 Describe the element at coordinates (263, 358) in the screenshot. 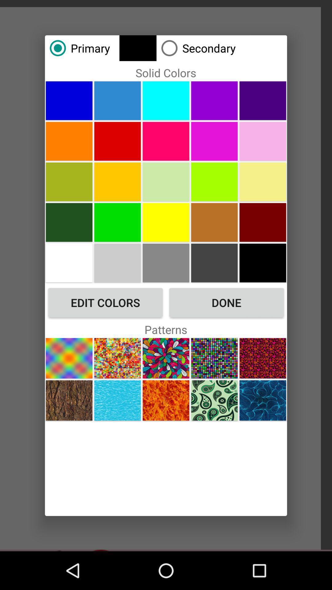

I see `change pattern` at that location.